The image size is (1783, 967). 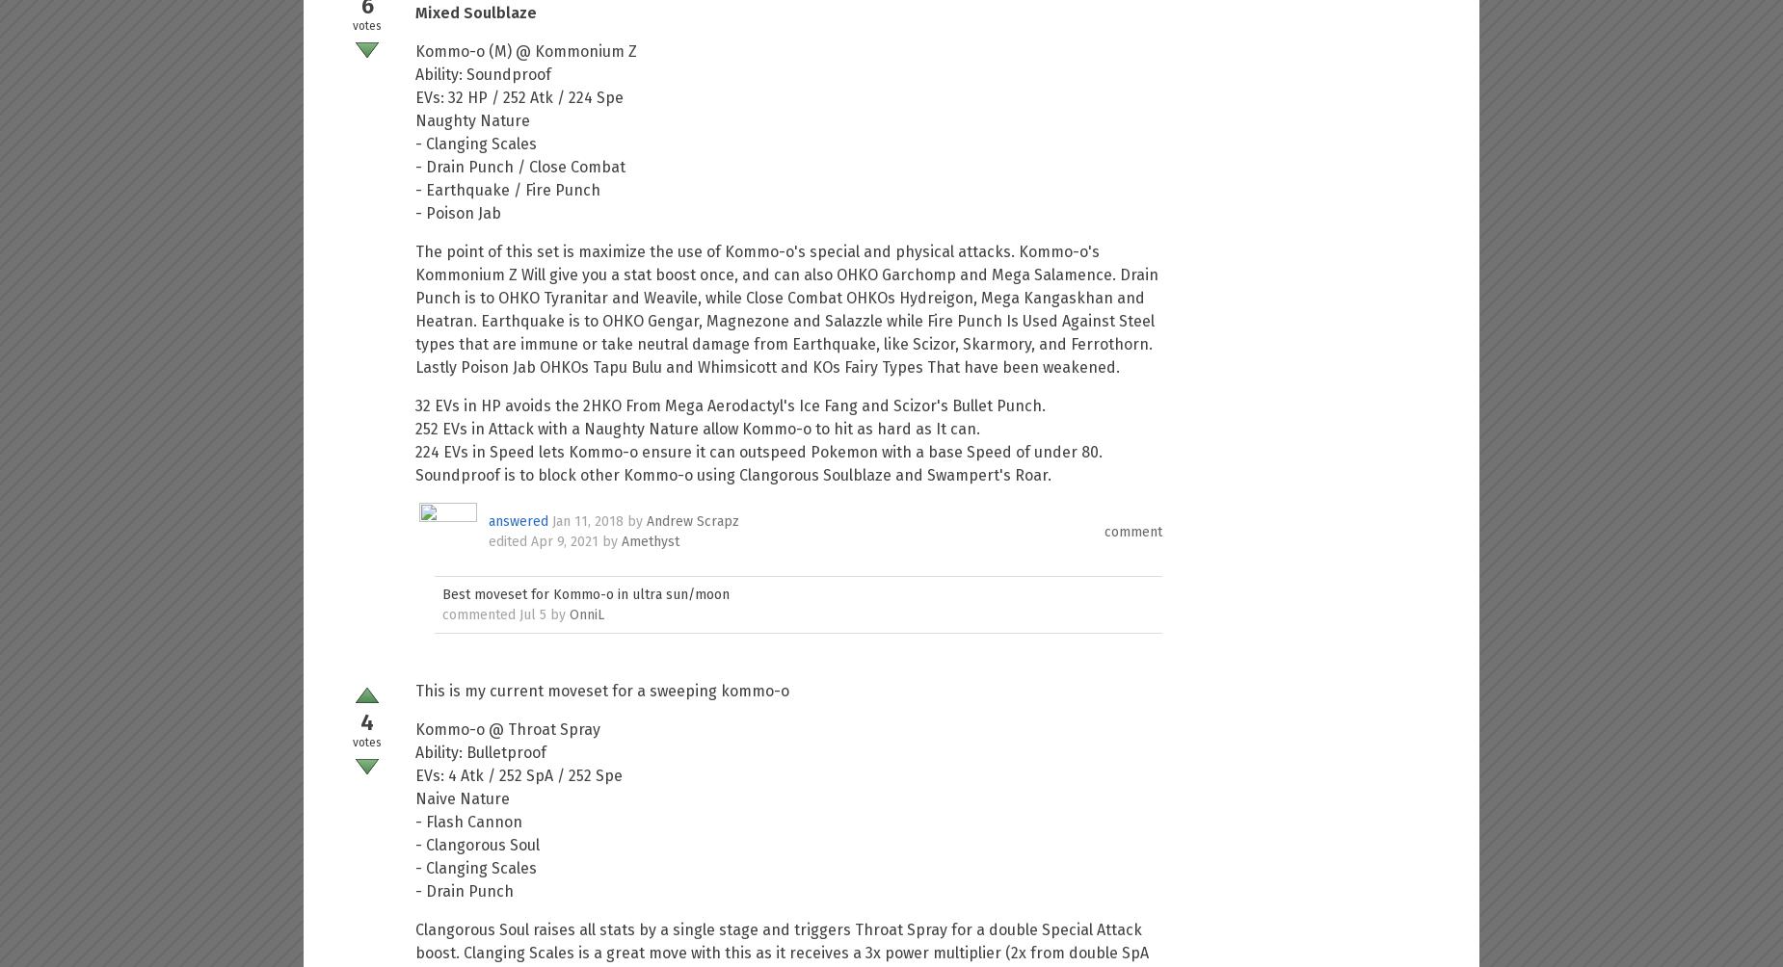 What do you see at coordinates (458, 212) in the screenshot?
I see `'- Poison Jab'` at bounding box center [458, 212].